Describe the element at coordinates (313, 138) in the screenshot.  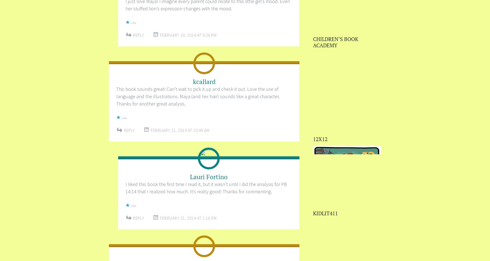
I see `'12X12'` at that location.